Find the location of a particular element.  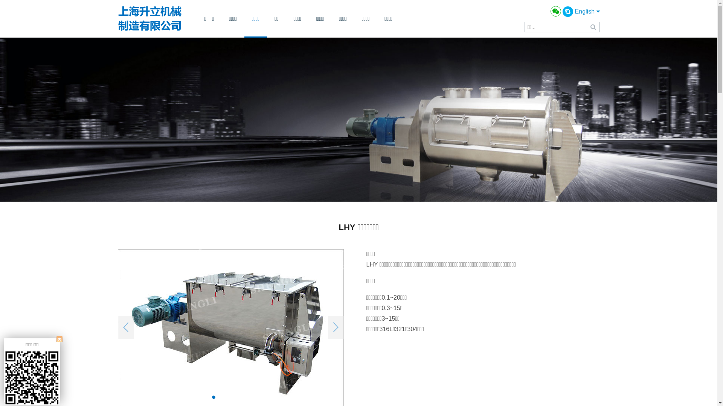

'Previous' is located at coordinates (117, 327).